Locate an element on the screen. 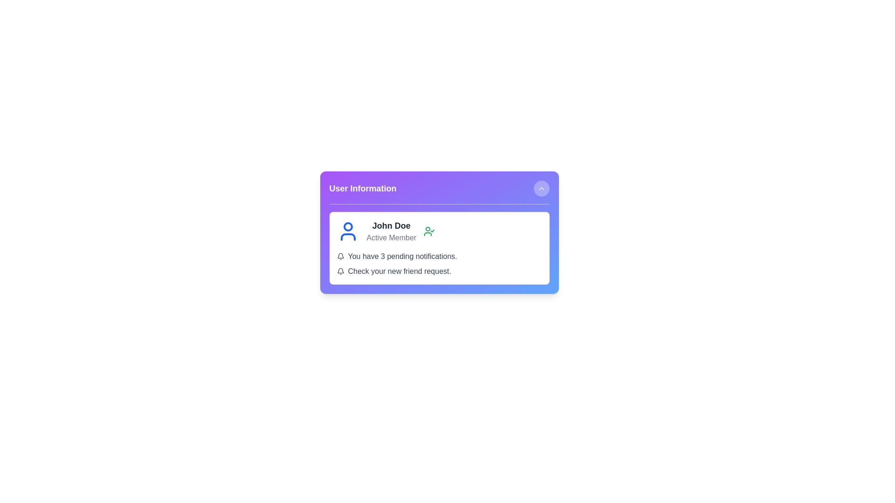  notifications displayed in the text section that indicates 'You have 3 pending notifications.' and 'Check your new friend request.' is located at coordinates (439, 264).